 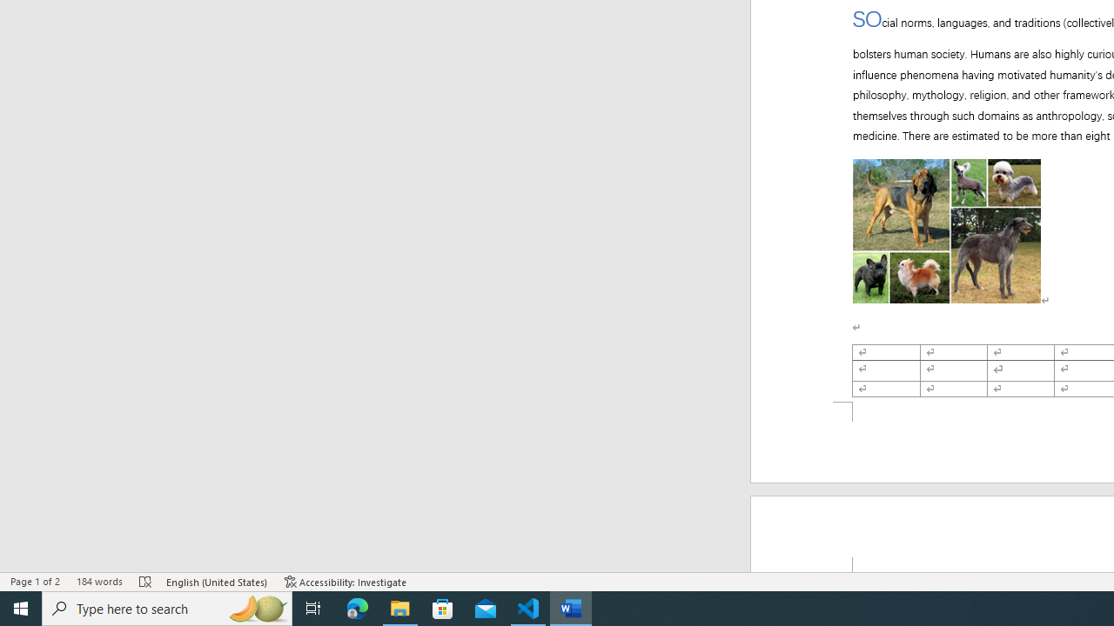 I want to click on 'Task View', so click(x=312, y=607).